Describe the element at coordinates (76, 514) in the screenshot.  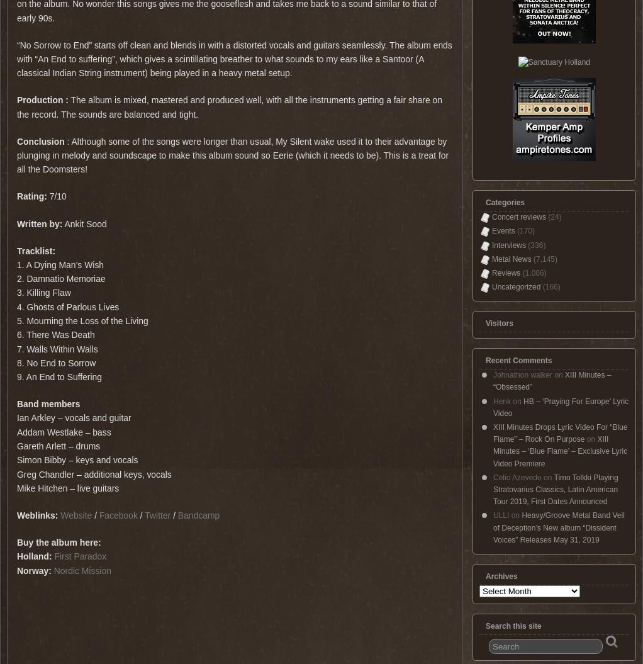
I see `'Website'` at that location.